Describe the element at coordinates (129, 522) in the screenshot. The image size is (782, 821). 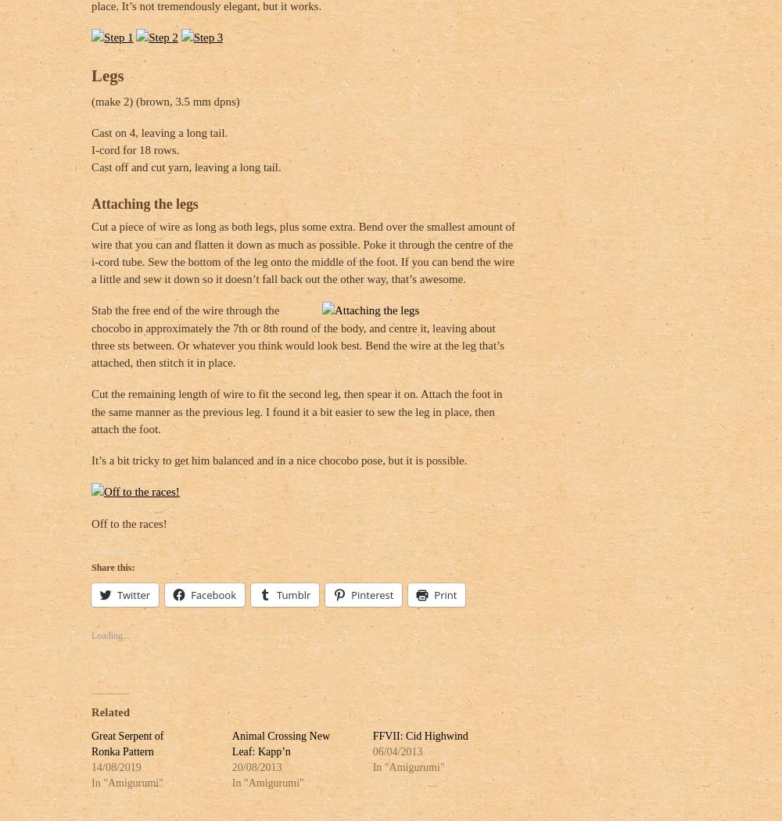
I see `'Off to the races!'` at that location.